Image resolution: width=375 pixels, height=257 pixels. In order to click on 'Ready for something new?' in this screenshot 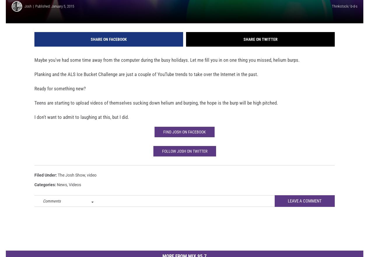, I will do `click(60, 96)`.